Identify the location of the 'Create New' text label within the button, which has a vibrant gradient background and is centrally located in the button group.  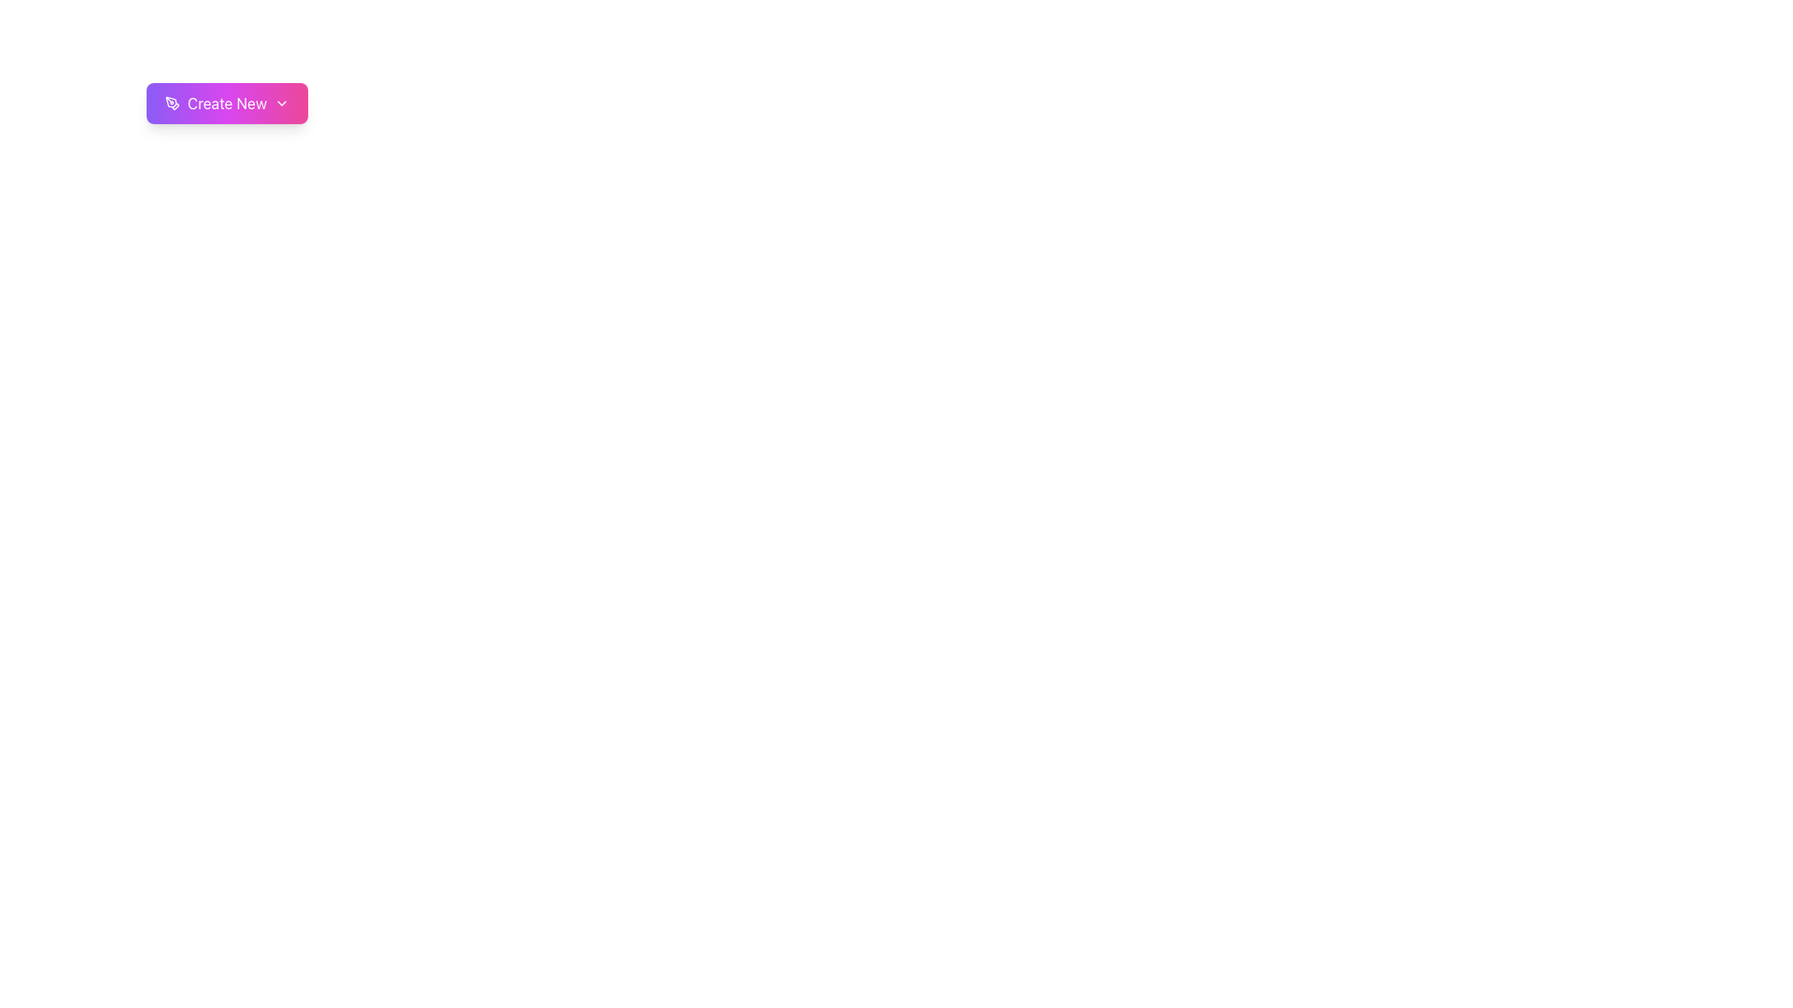
(226, 104).